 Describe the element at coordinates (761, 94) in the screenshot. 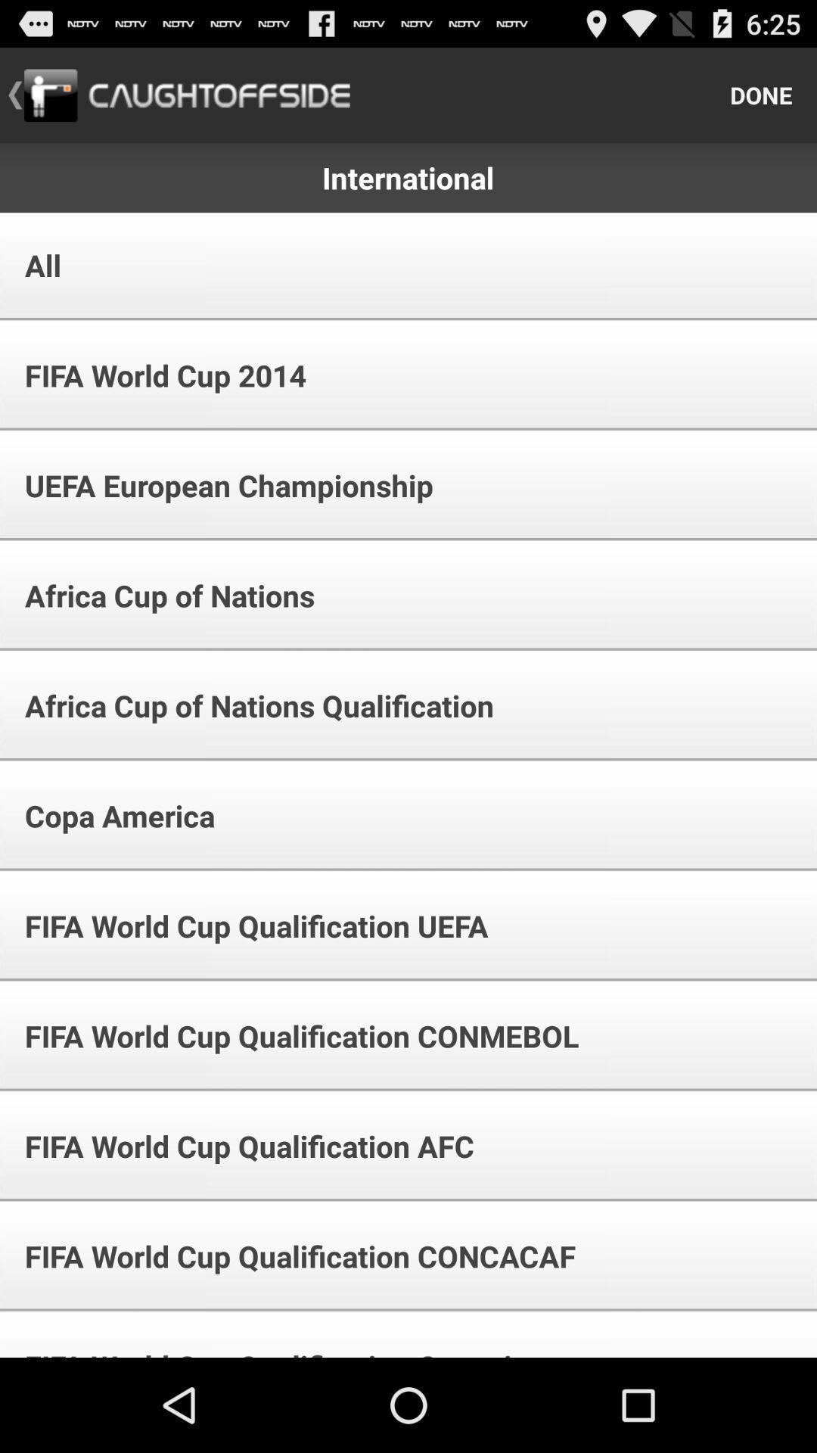

I see `the done item` at that location.